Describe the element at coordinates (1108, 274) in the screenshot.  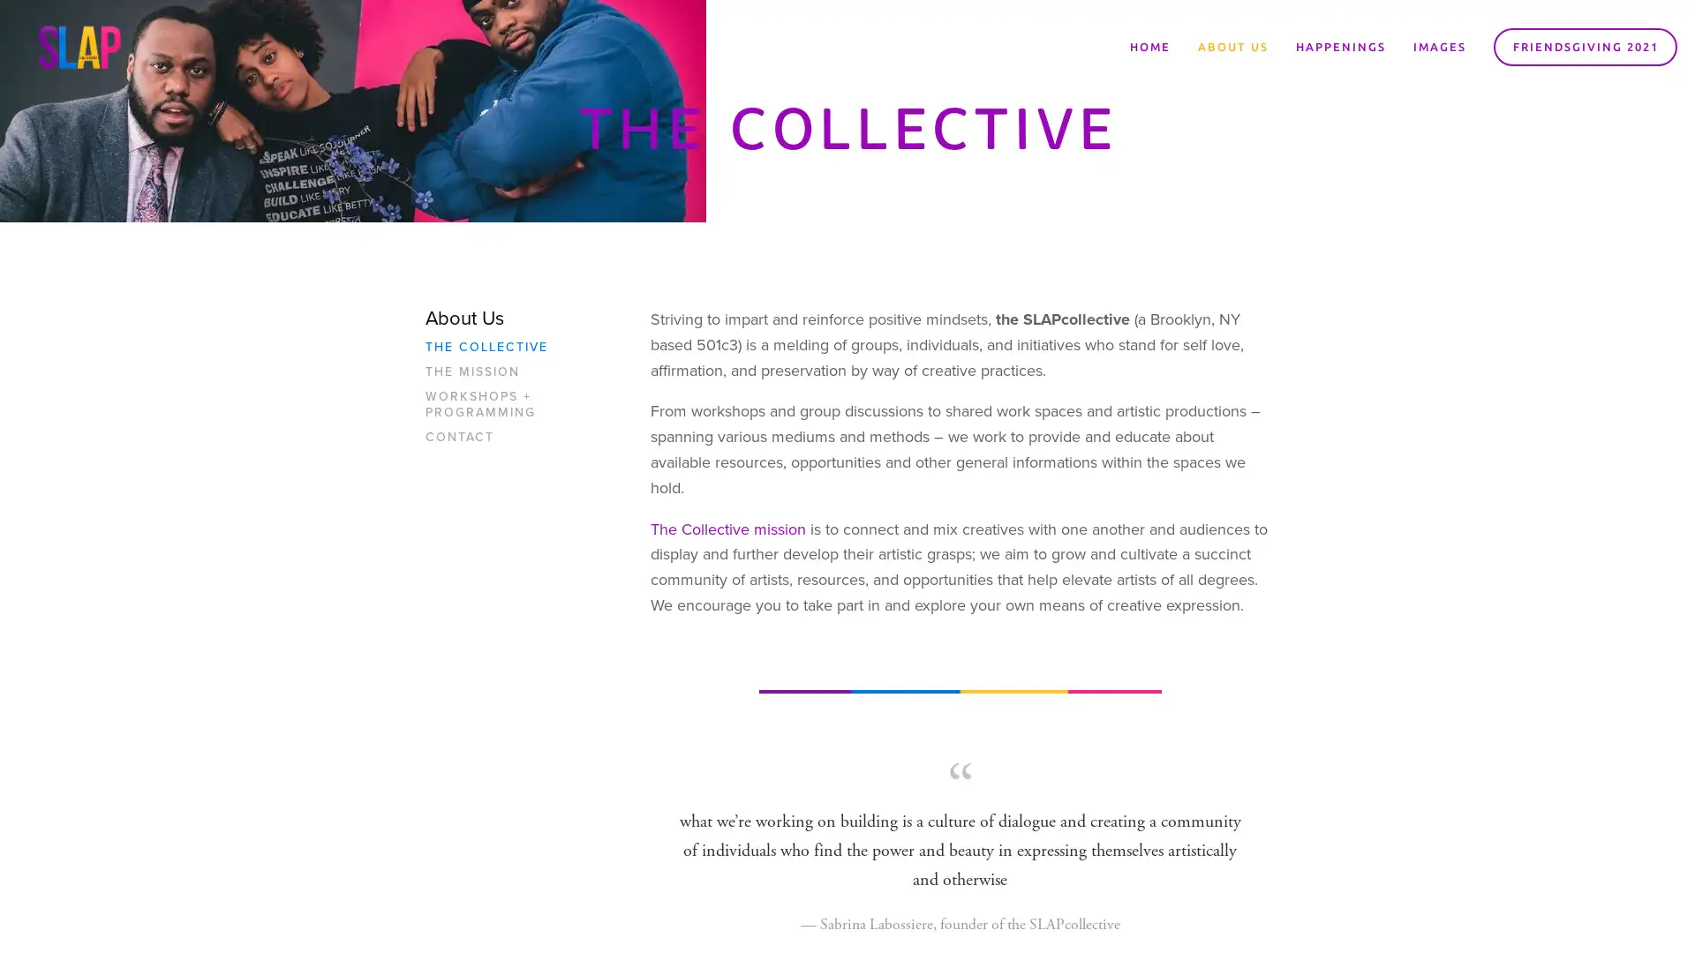
I see `Close` at that location.